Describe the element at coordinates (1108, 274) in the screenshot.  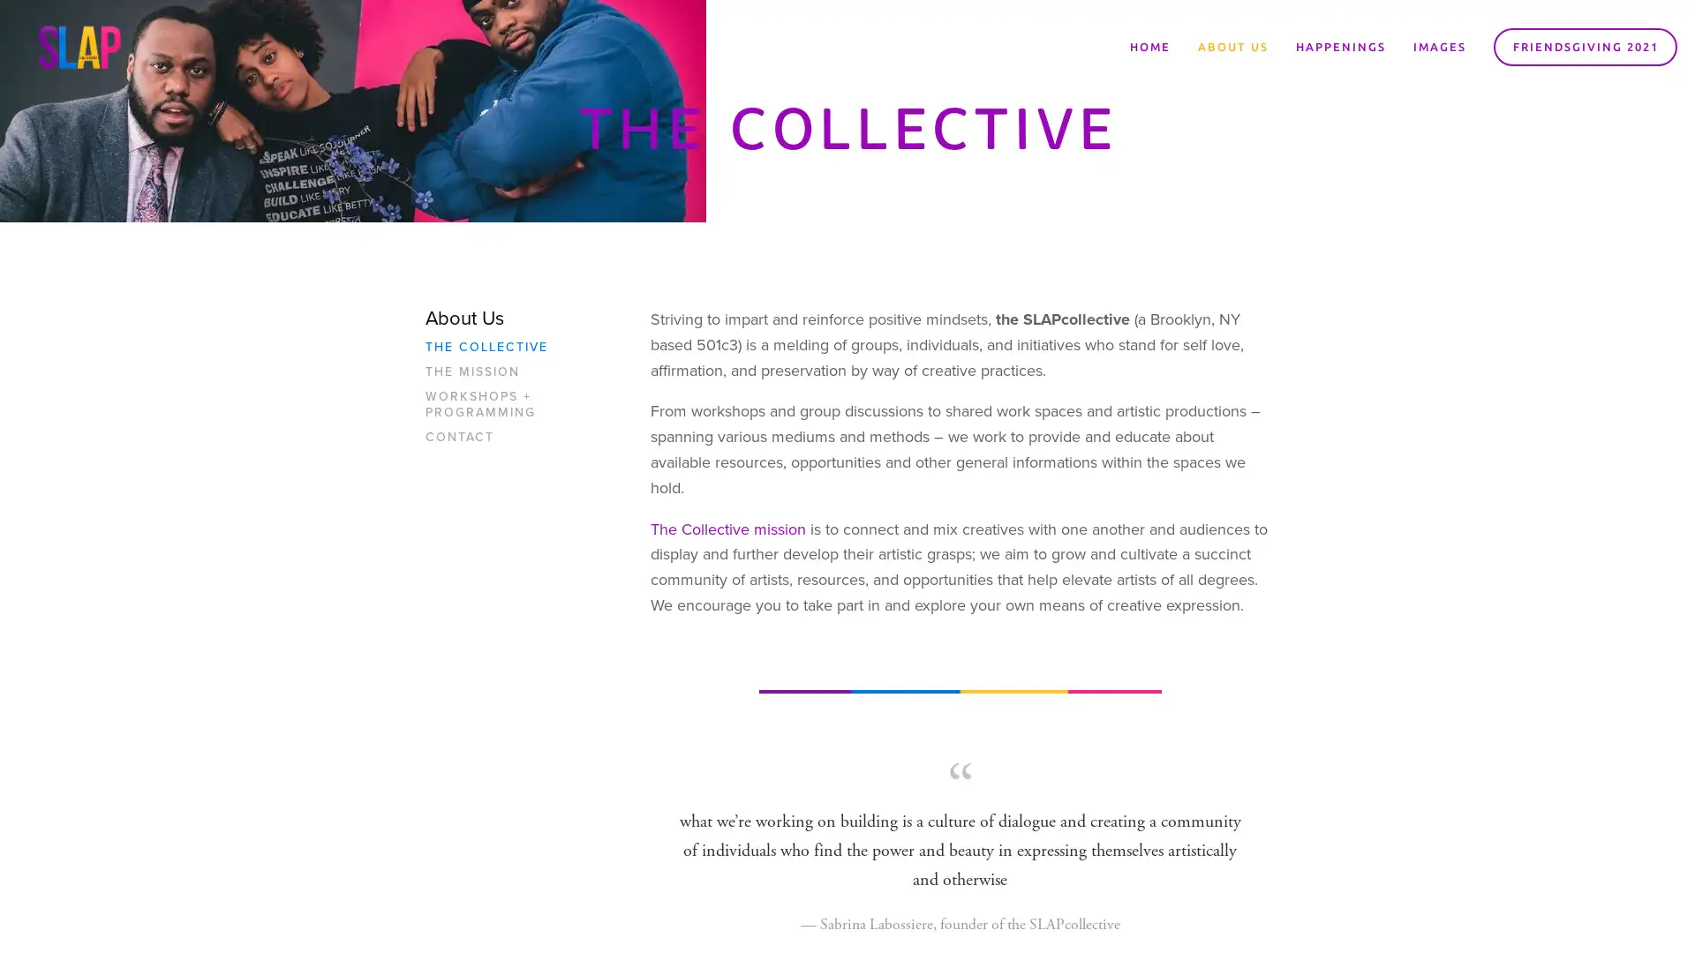
I see `Close` at that location.